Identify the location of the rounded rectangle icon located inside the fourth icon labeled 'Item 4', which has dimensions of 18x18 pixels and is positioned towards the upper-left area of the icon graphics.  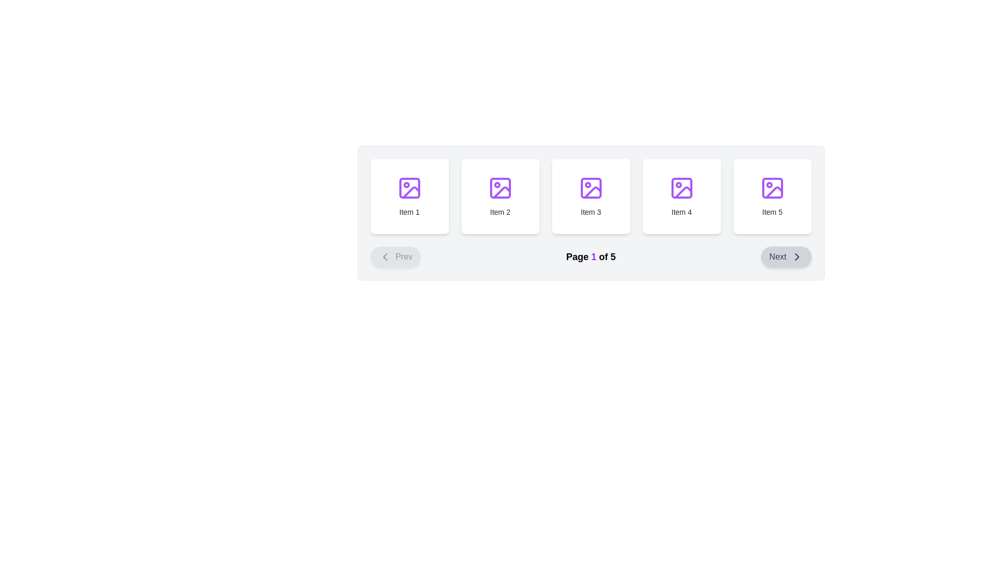
(681, 188).